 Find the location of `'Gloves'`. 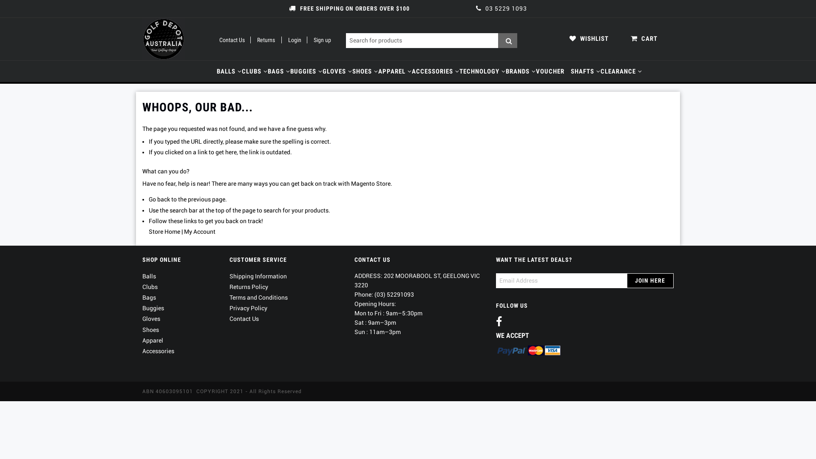

'Gloves' is located at coordinates (151, 318).